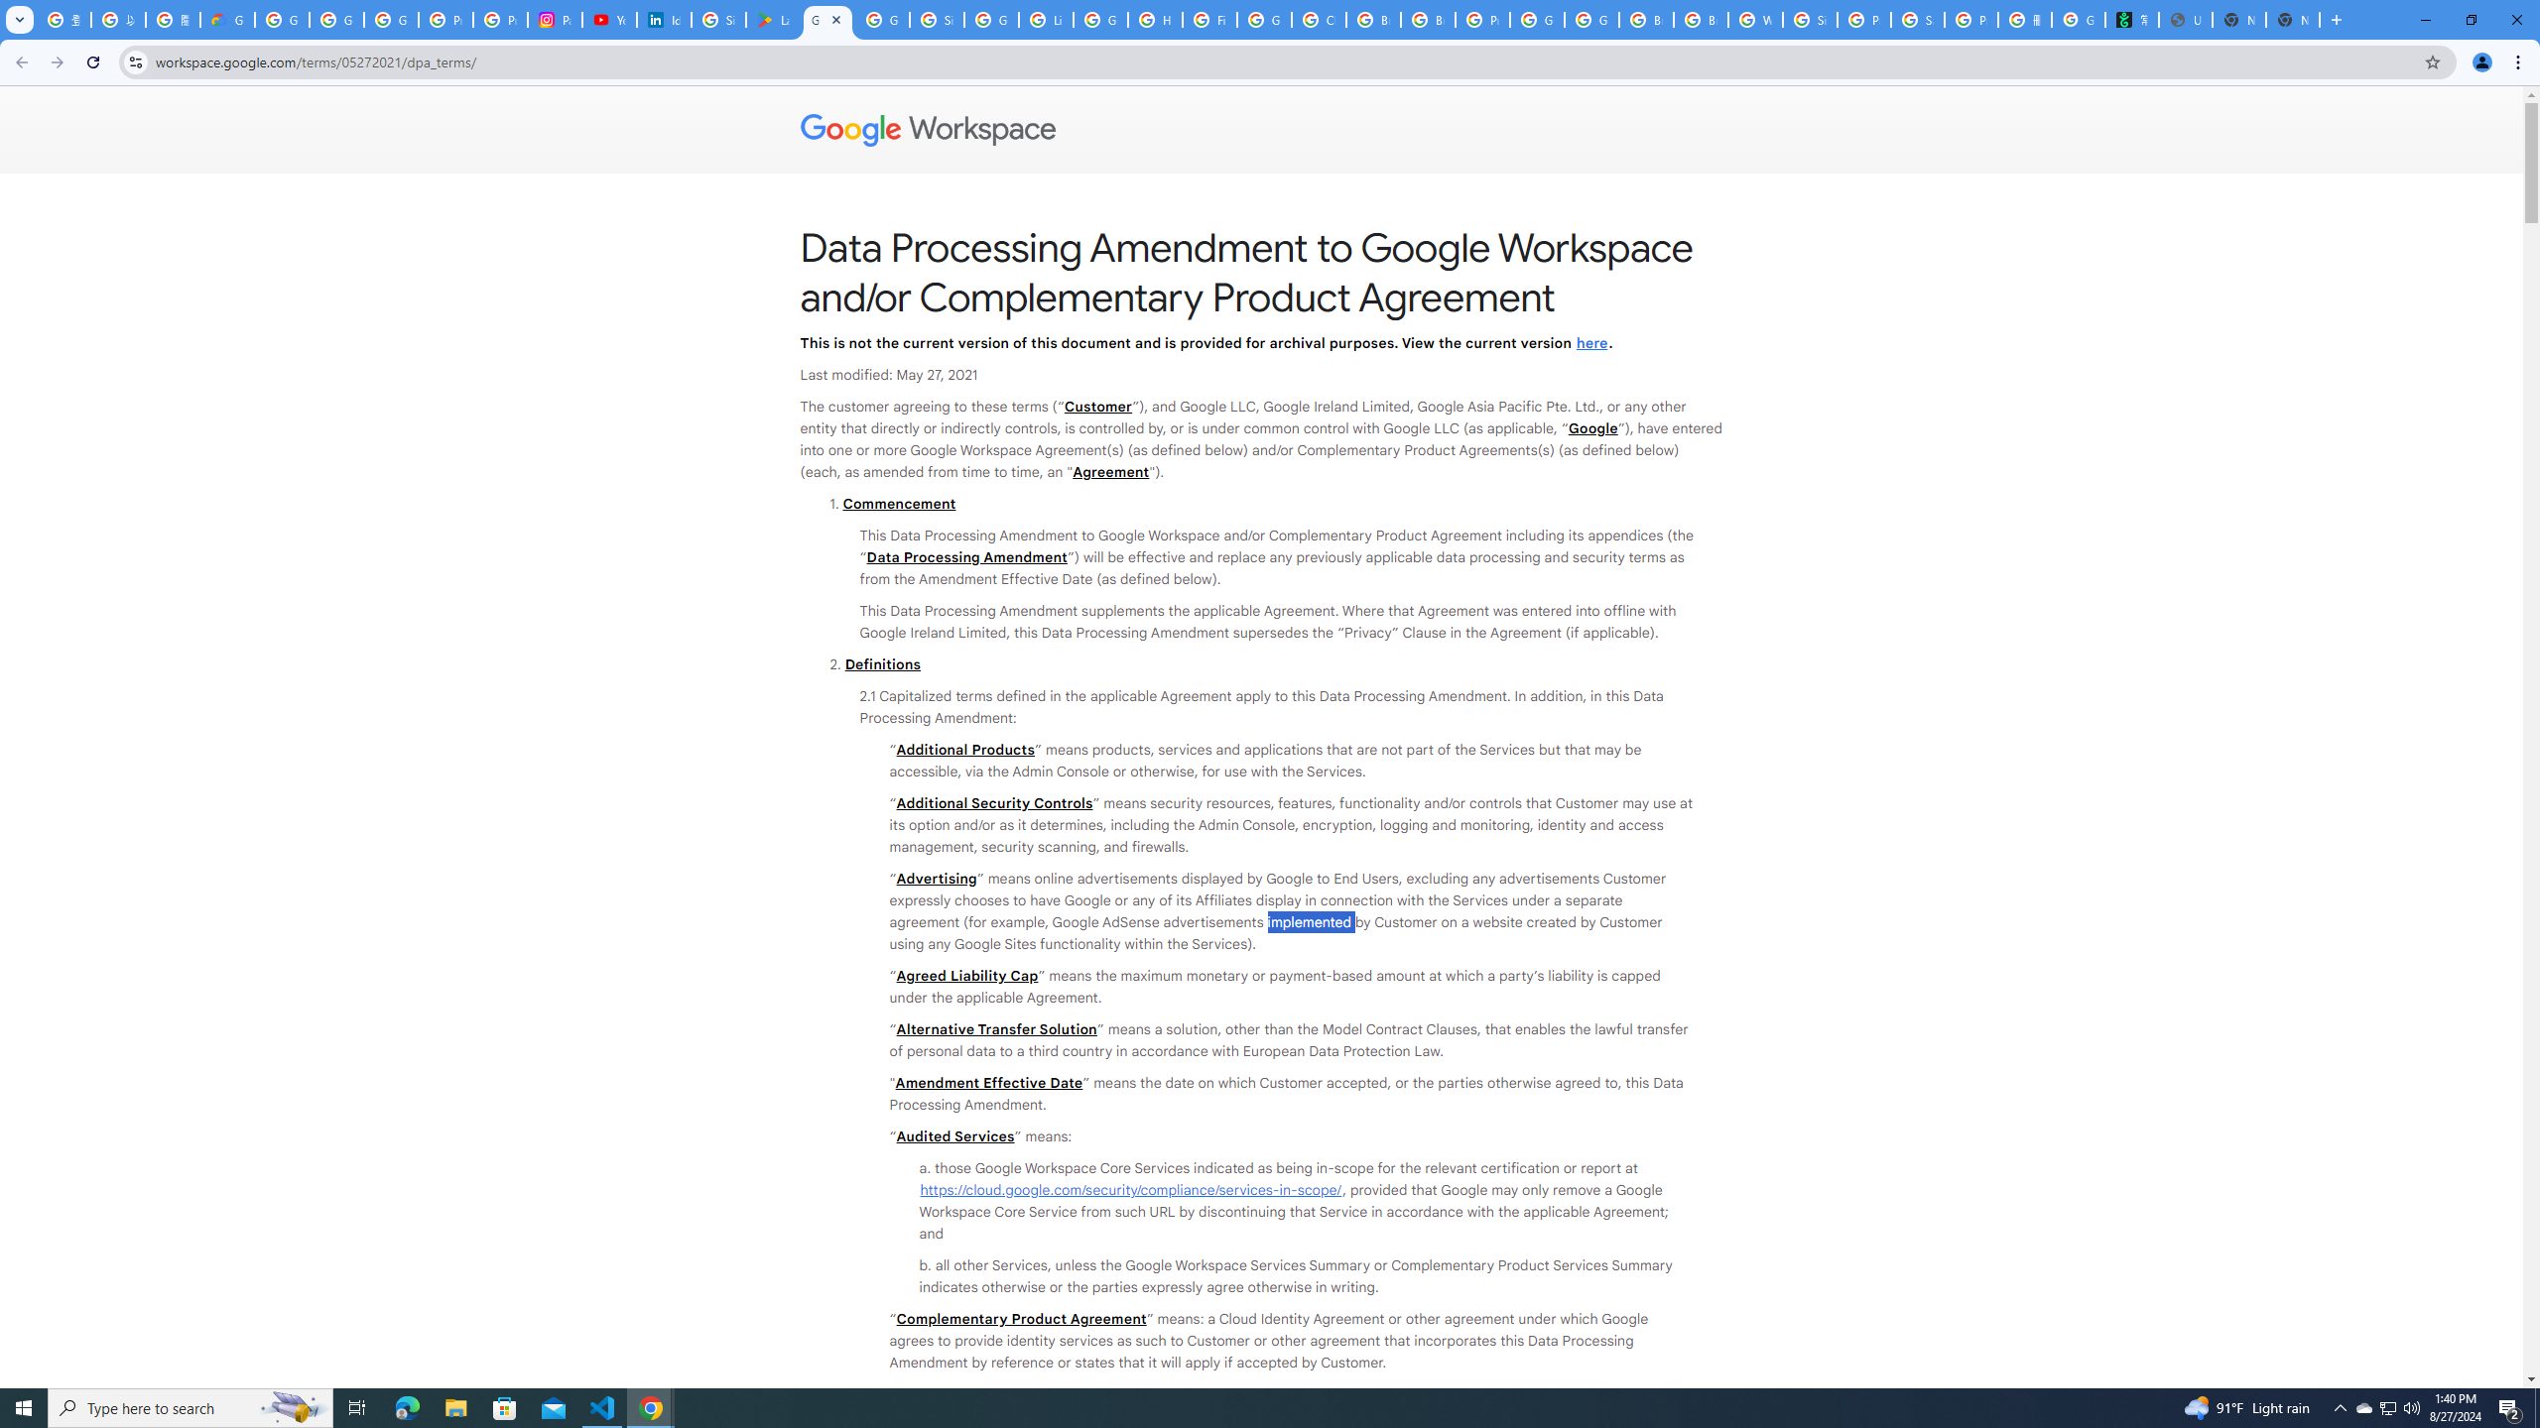 The image size is (2540, 1428). Describe the element at coordinates (772, 19) in the screenshot. I see `'Last Shelter: Survival - Apps on Google Play'` at that location.